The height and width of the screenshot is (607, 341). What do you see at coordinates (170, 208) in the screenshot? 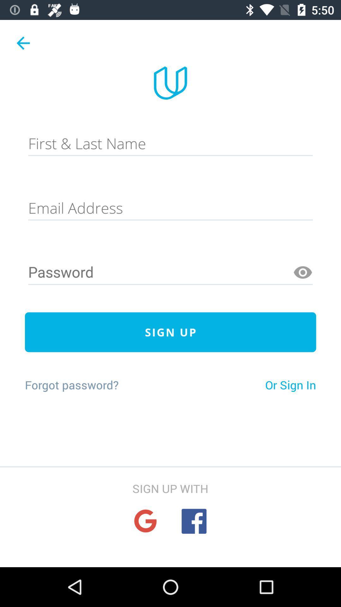
I see `e-mail bar` at bounding box center [170, 208].